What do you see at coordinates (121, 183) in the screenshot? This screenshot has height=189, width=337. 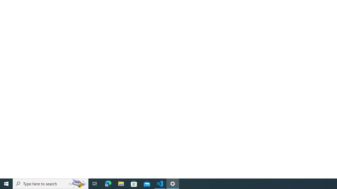 I see `'File Explorer'` at bounding box center [121, 183].